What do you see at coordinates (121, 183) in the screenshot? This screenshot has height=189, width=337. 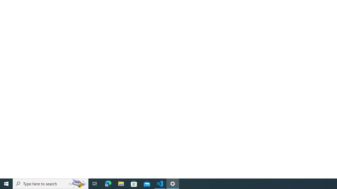 I see `'File Explorer'` at bounding box center [121, 183].